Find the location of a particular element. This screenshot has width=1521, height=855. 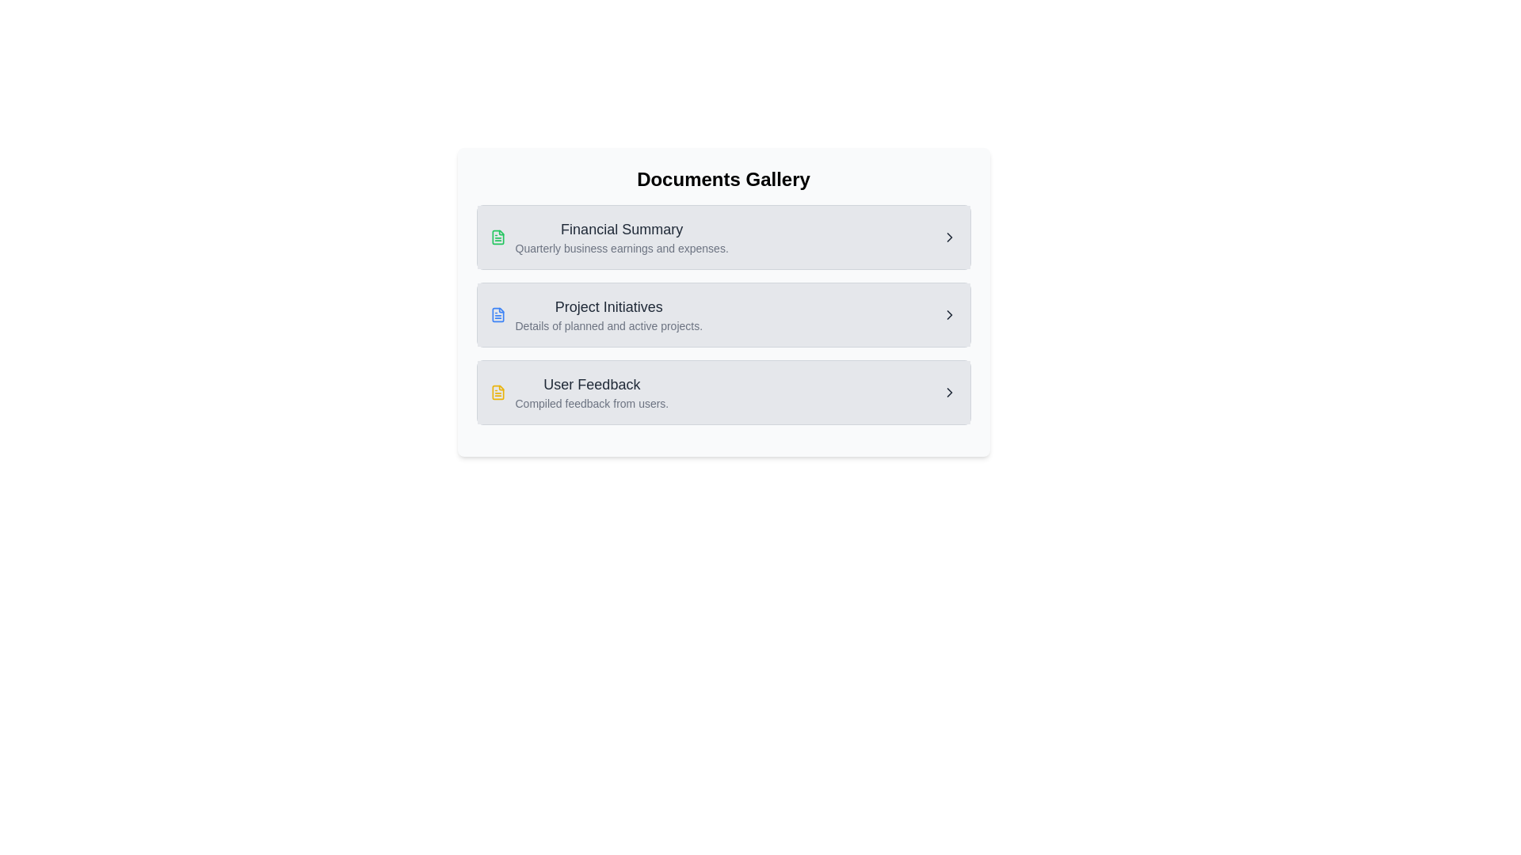

the third interactive list item labeled 'User Feedback' is located at coordinates (578, 392).